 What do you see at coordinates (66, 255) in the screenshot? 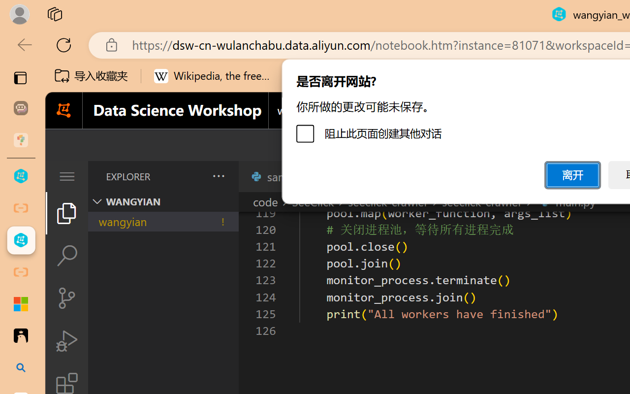
I see `'Search (Ctrl+Shift+F)'` at bounding box center [66, 255].